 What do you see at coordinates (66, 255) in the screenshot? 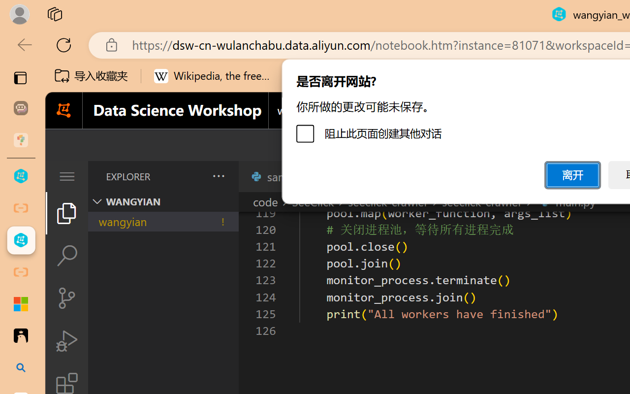
I see `'Search (Ctrl+Shift+F)'` at bounding box center [66, 255].